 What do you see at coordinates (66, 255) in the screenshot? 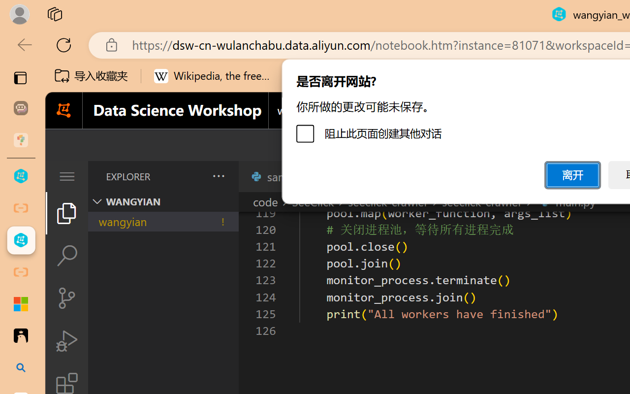
I see `'Search (Ctrl+Shift+F)'` at bounding box center [66, 255].